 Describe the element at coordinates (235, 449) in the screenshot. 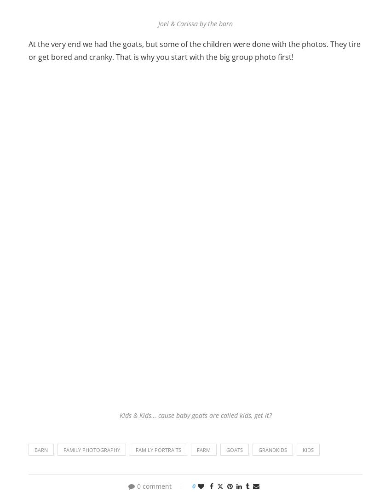

I see `'goats'` at that location.